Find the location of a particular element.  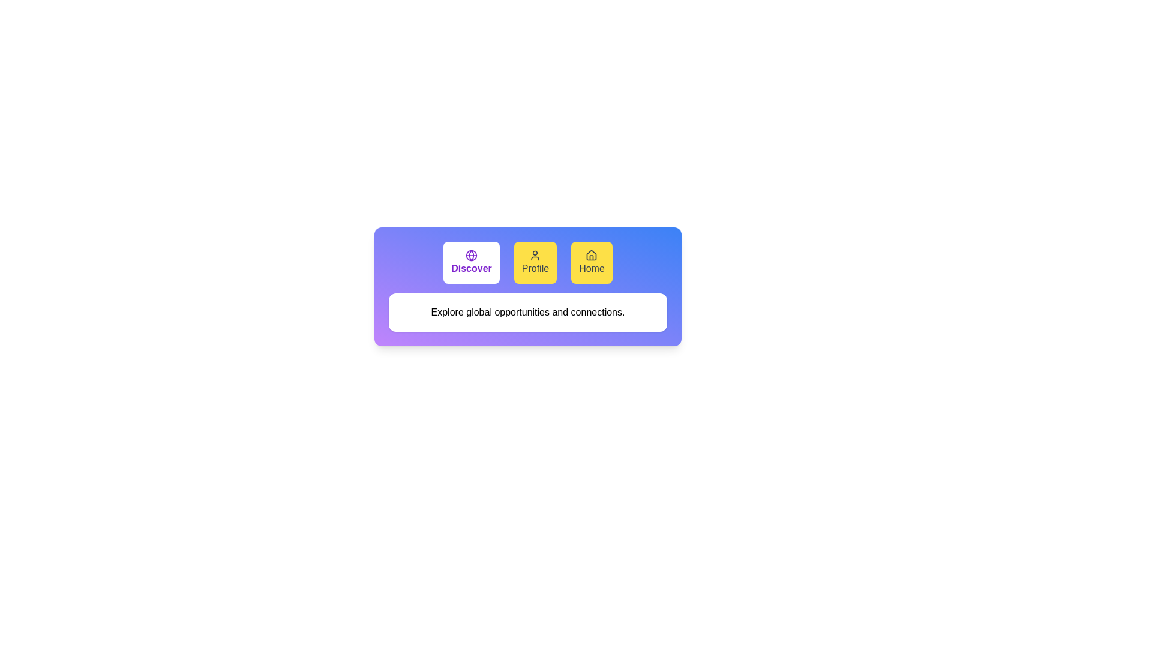

the 'Discover' text label in the leftmost card is located at coordinates (471, 268).